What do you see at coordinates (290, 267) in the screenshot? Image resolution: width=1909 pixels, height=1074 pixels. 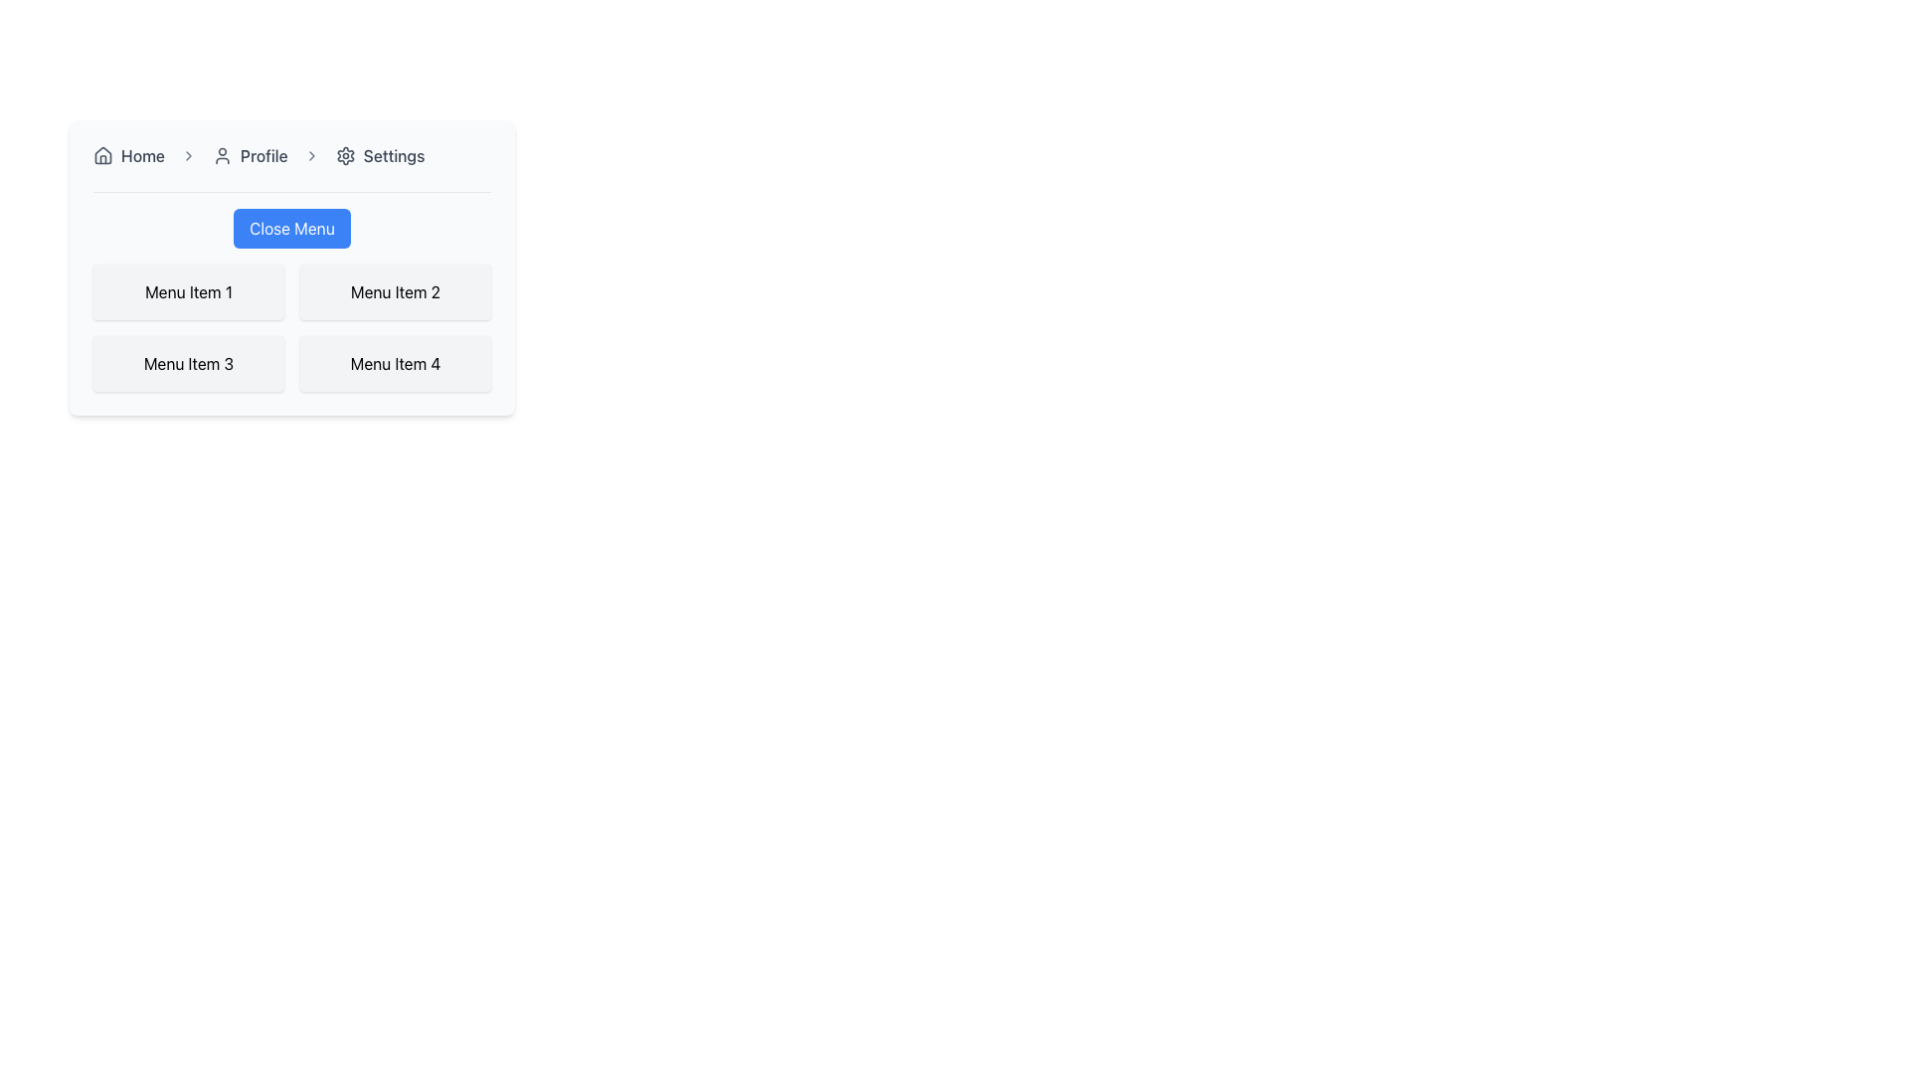 I see `the interactive menu panel located centrally in the interface that provides navigation options such as 'Home', 'Profile', and 'Settings'` at bounding box center [290, 267].